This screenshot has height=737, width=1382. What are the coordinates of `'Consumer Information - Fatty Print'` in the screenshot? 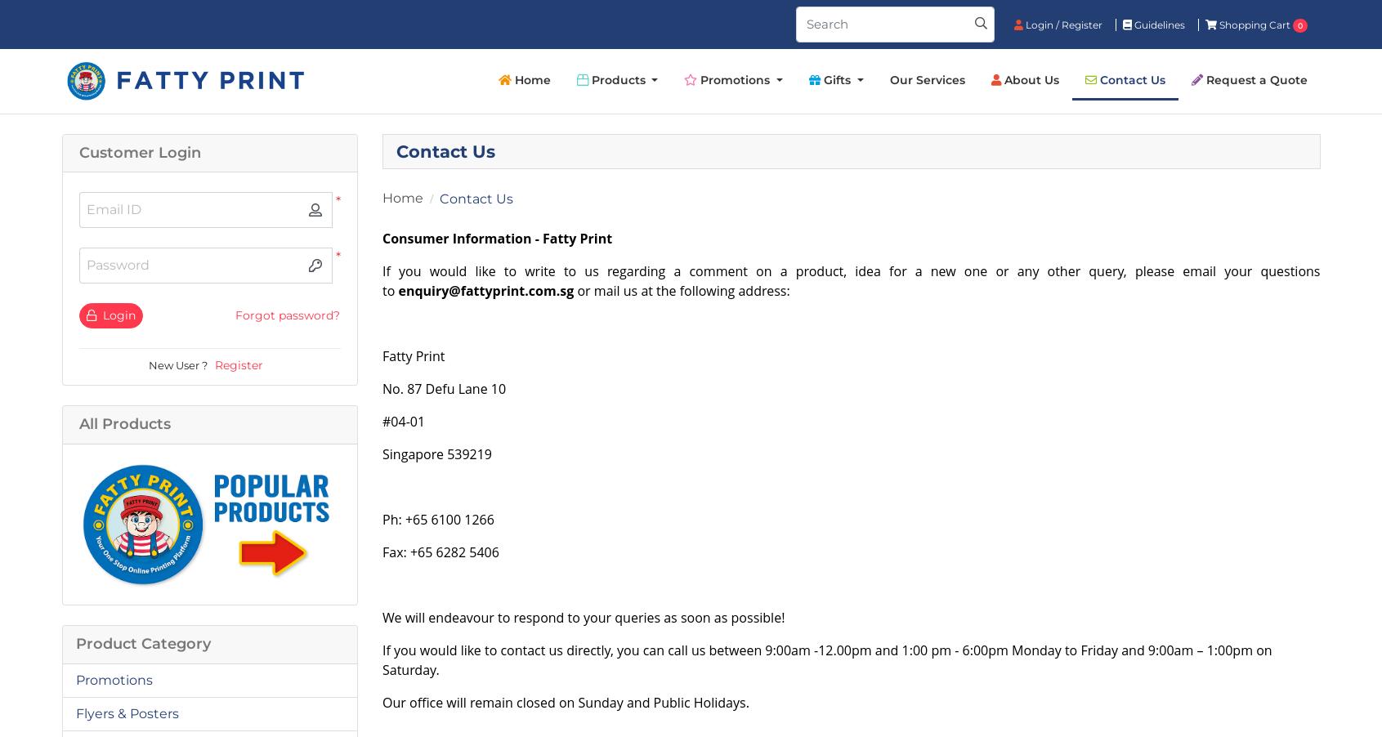 It's located at (497, 238).